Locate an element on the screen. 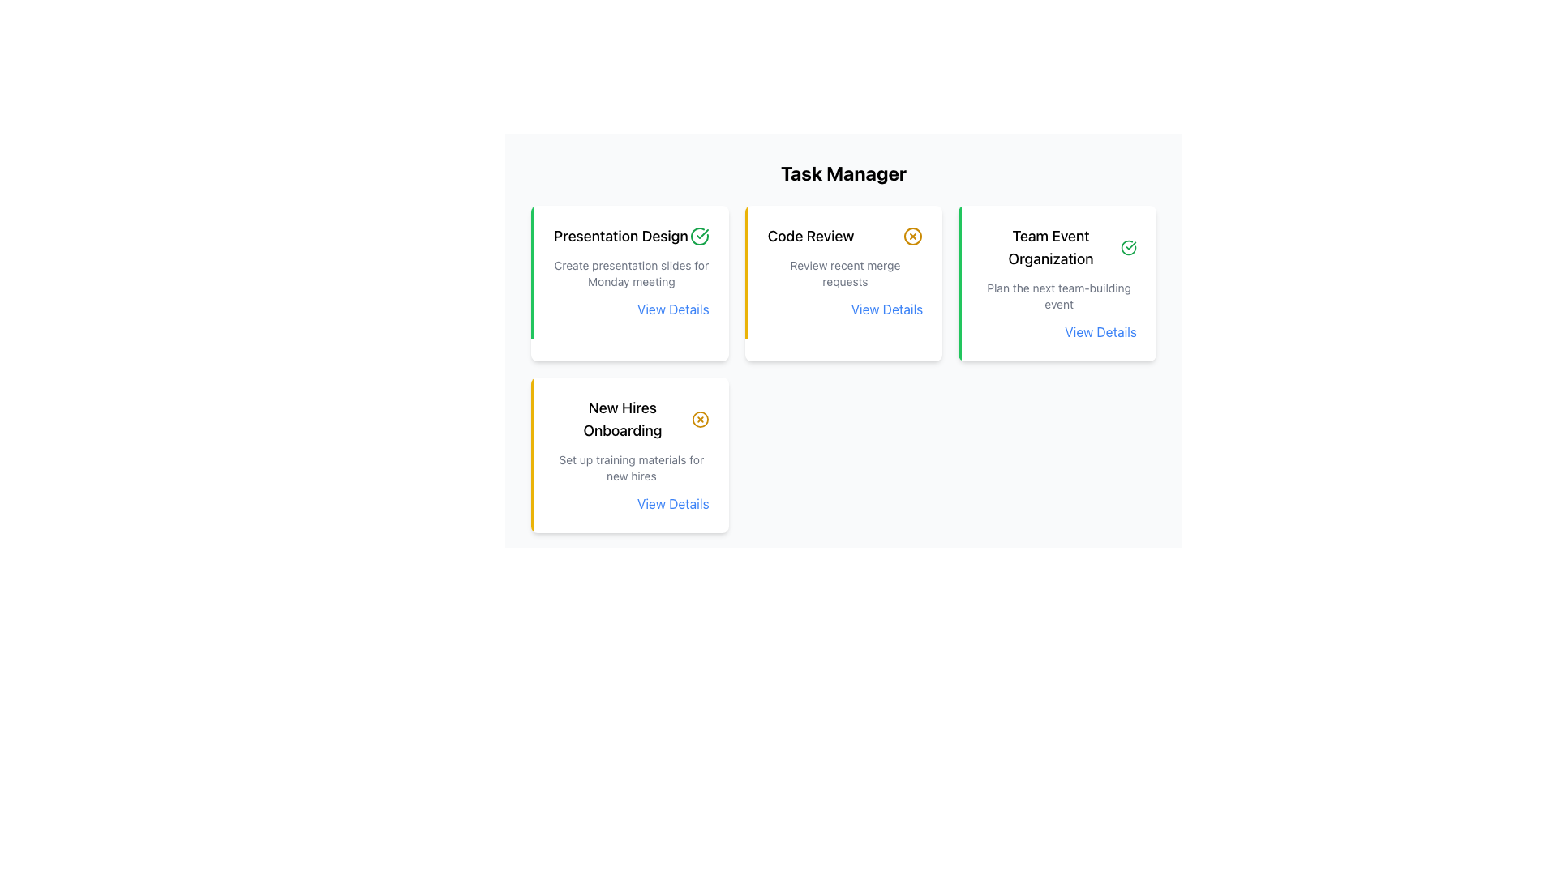 Image resolution: width=1557 pixels, height=875 pixels. title of the task labeled 'Team Event Organization' which is represented by a composite element consisting of text and a green checkmark icon, located in the top-right section of the corresponding card is located at coordinates (1059, 247).